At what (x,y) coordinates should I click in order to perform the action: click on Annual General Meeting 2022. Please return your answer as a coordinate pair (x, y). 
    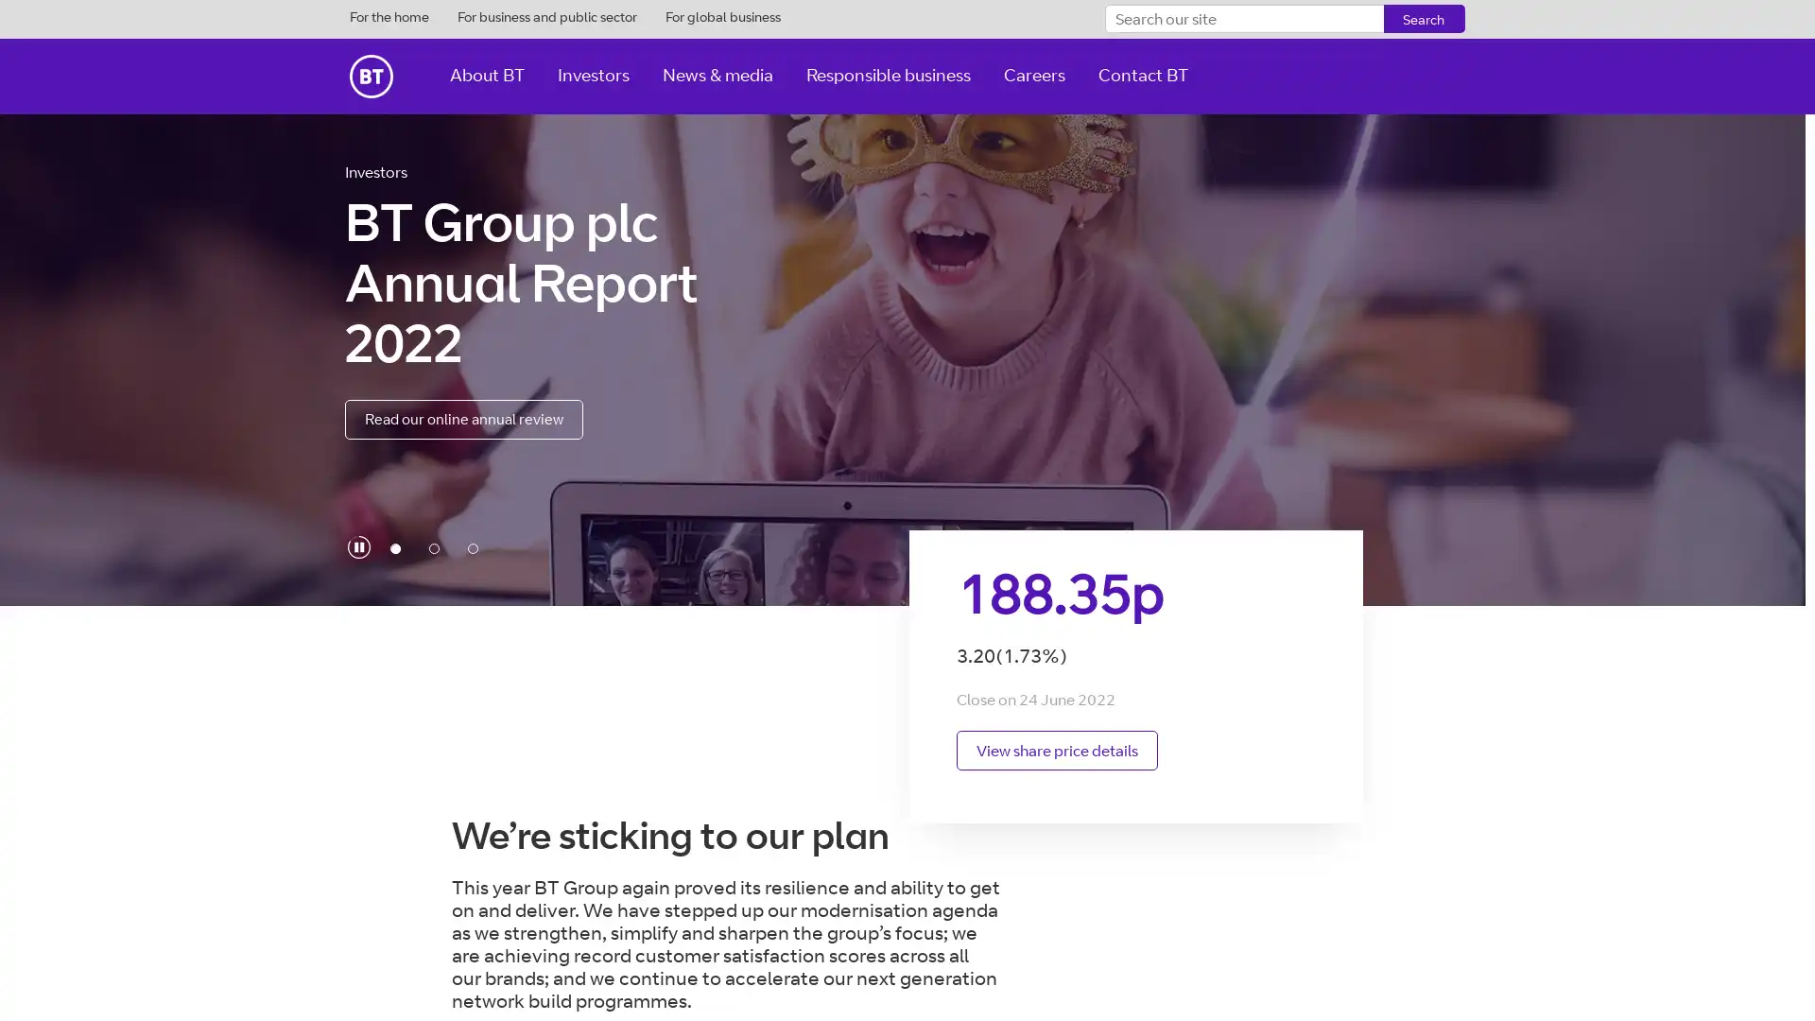
    Looking at the image, I should click on (433, 548).